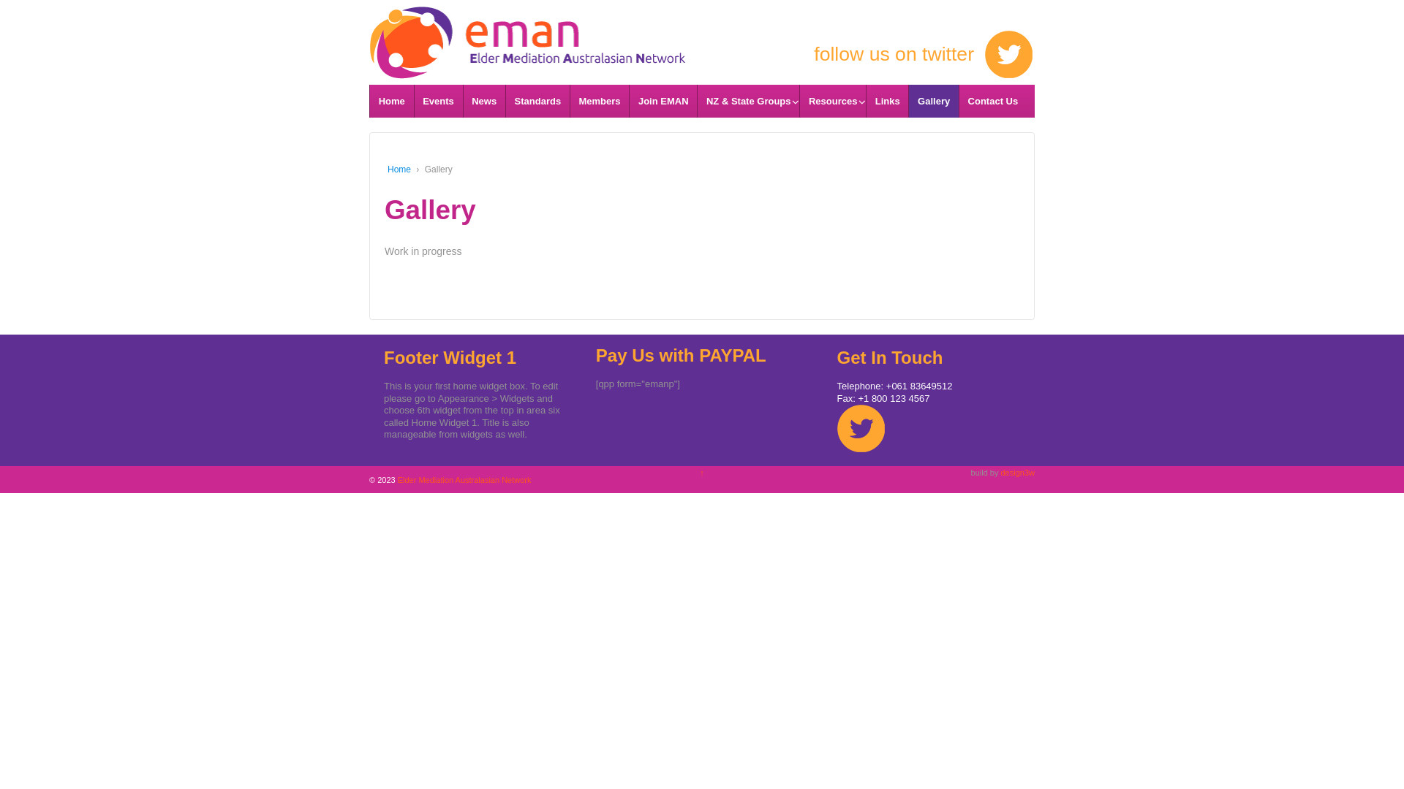 The image size is (1404, 789). I want to click on 'News', so click(484, 100).